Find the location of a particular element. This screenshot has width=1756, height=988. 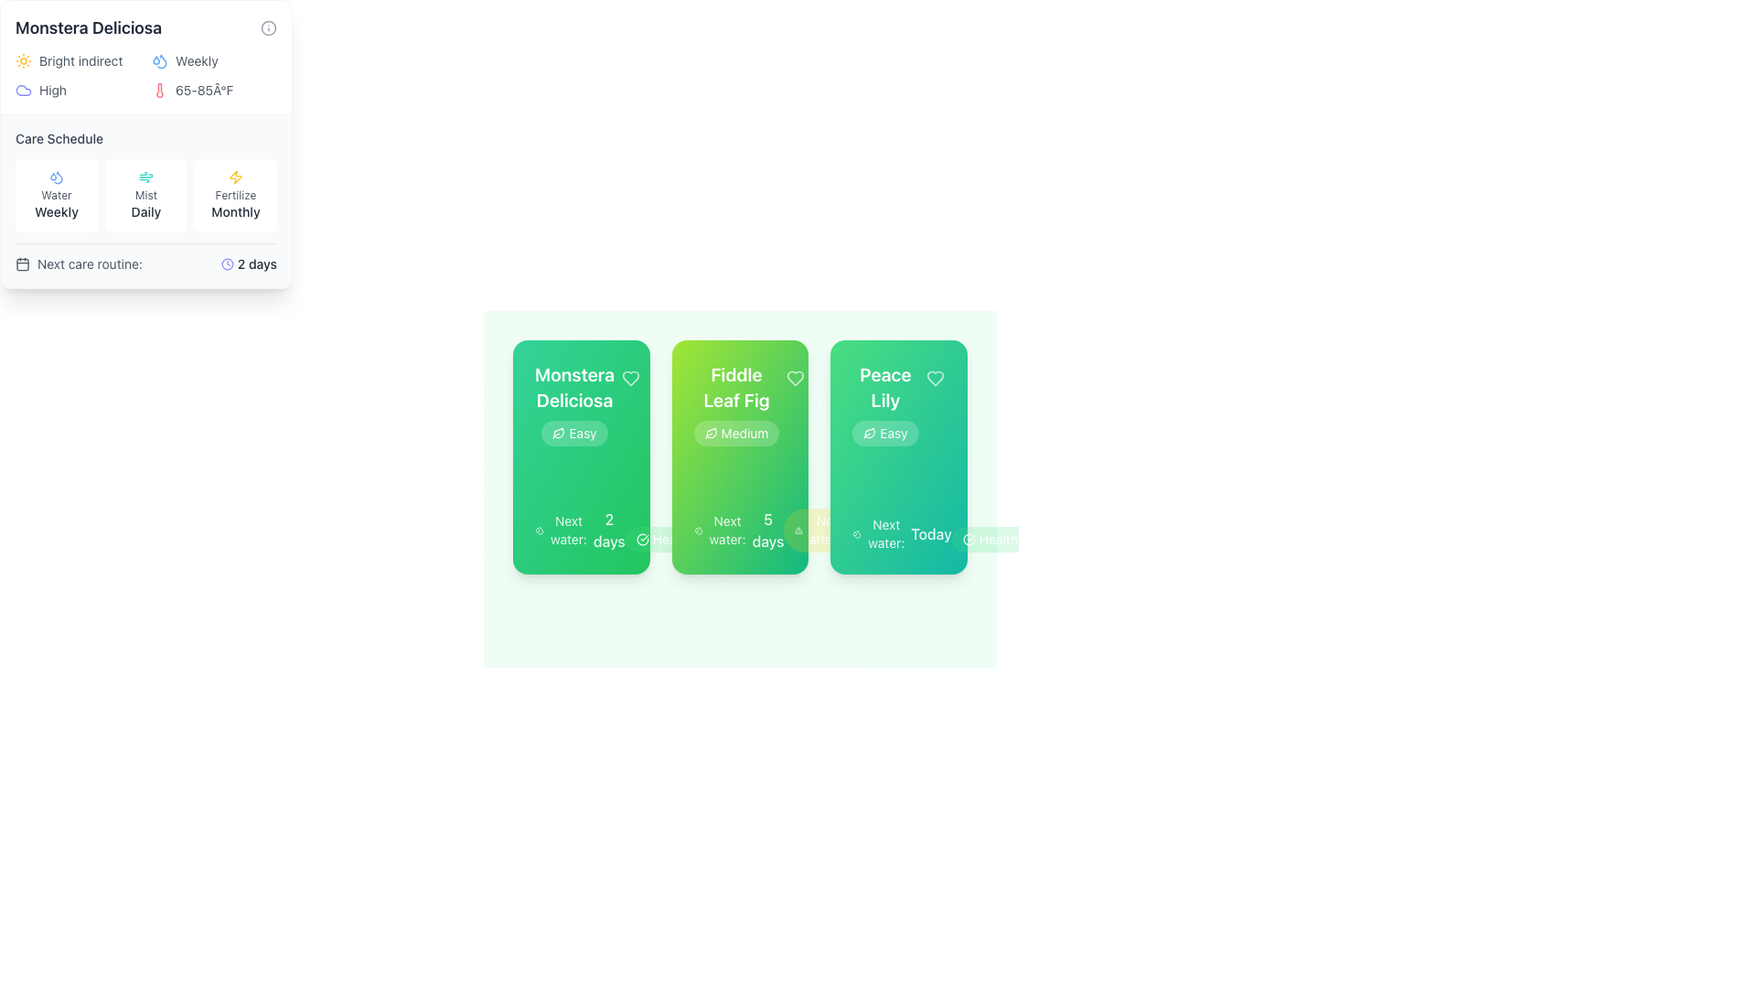

the icons or badges on the plant information card, which is the first card in a row of three, located towards the left side of the interface is located at coordinates (580, 456).